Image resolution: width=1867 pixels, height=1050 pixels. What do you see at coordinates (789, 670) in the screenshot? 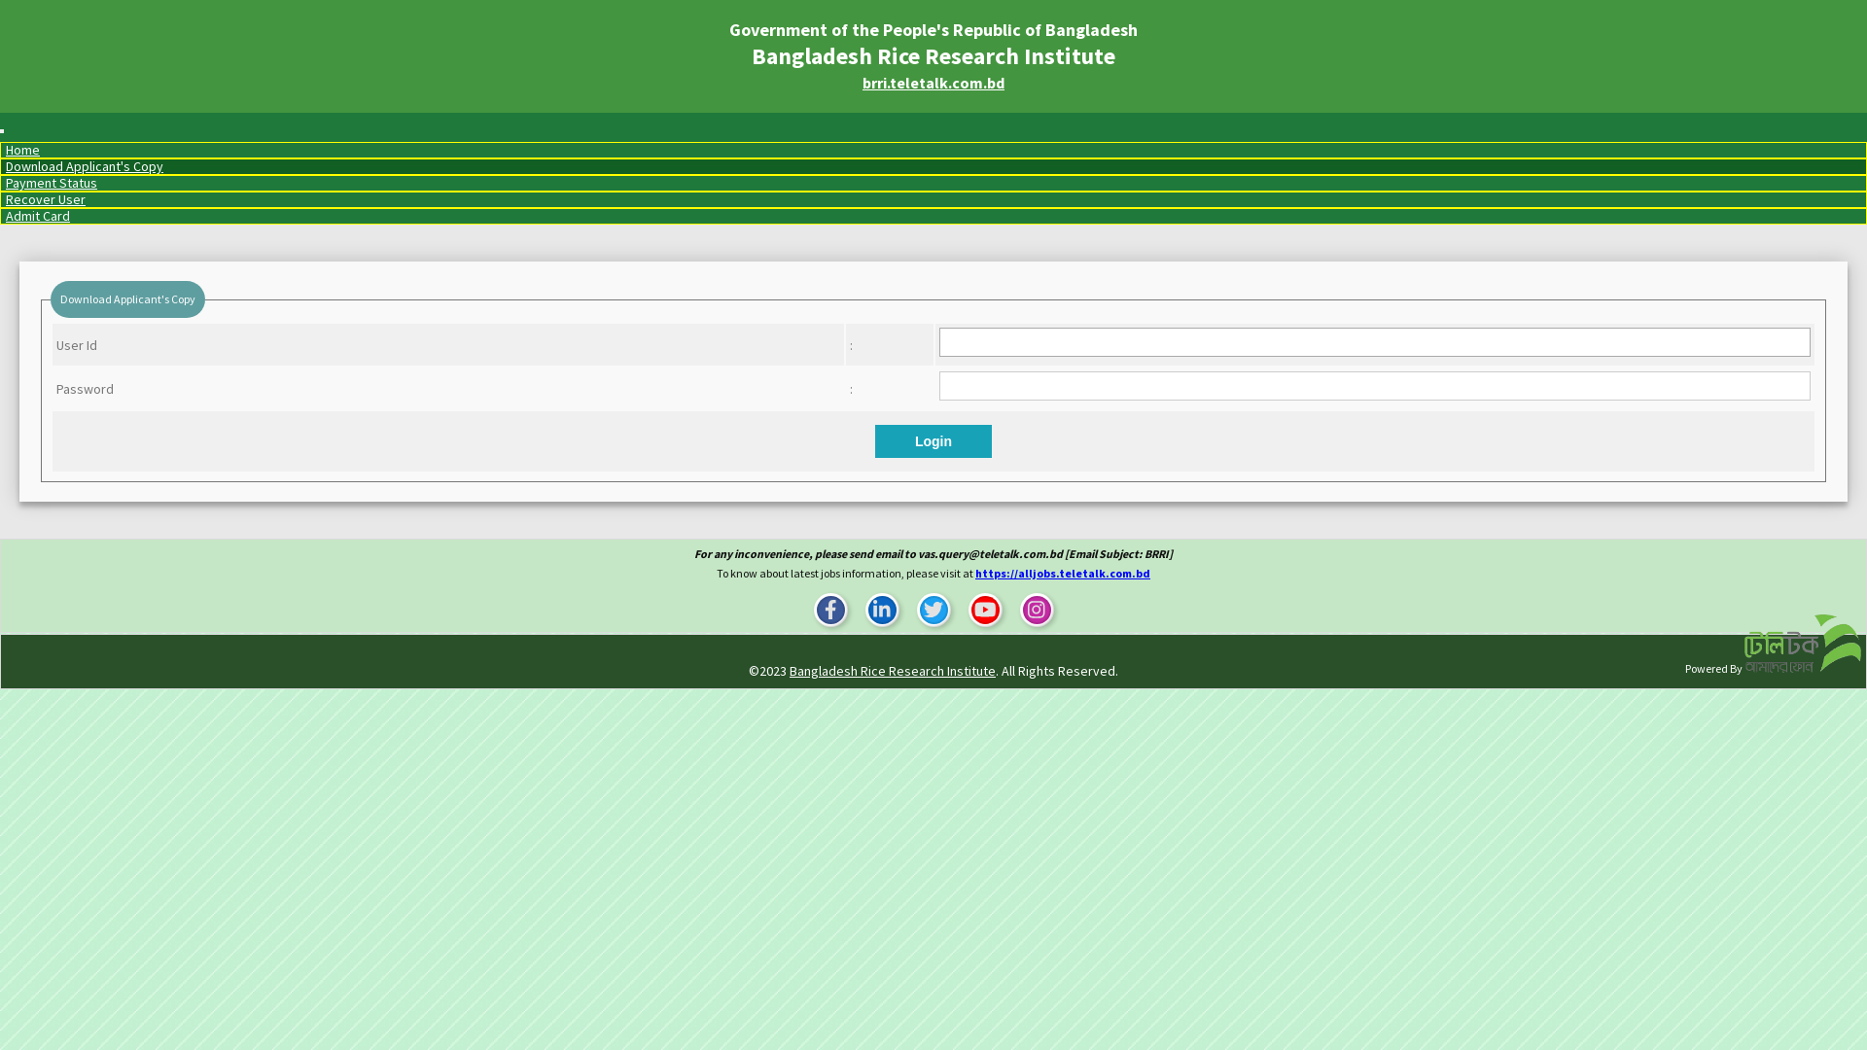
I see `'Bangladesh Rice Research Institute'` at bounding box center [789, 670].